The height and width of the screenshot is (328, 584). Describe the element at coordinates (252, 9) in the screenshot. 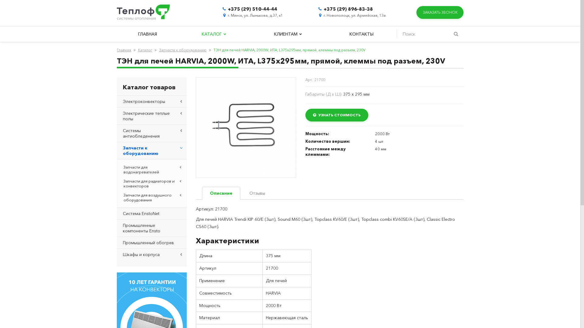

I see `'+375 (29) 510-44-44'` at that location.